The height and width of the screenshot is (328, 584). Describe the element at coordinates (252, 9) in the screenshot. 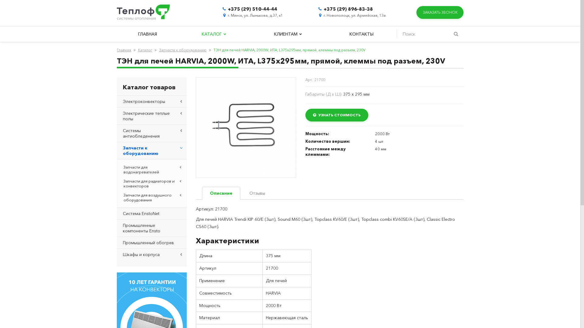

I see `'+375 (29) 510-44-44'` at that location.